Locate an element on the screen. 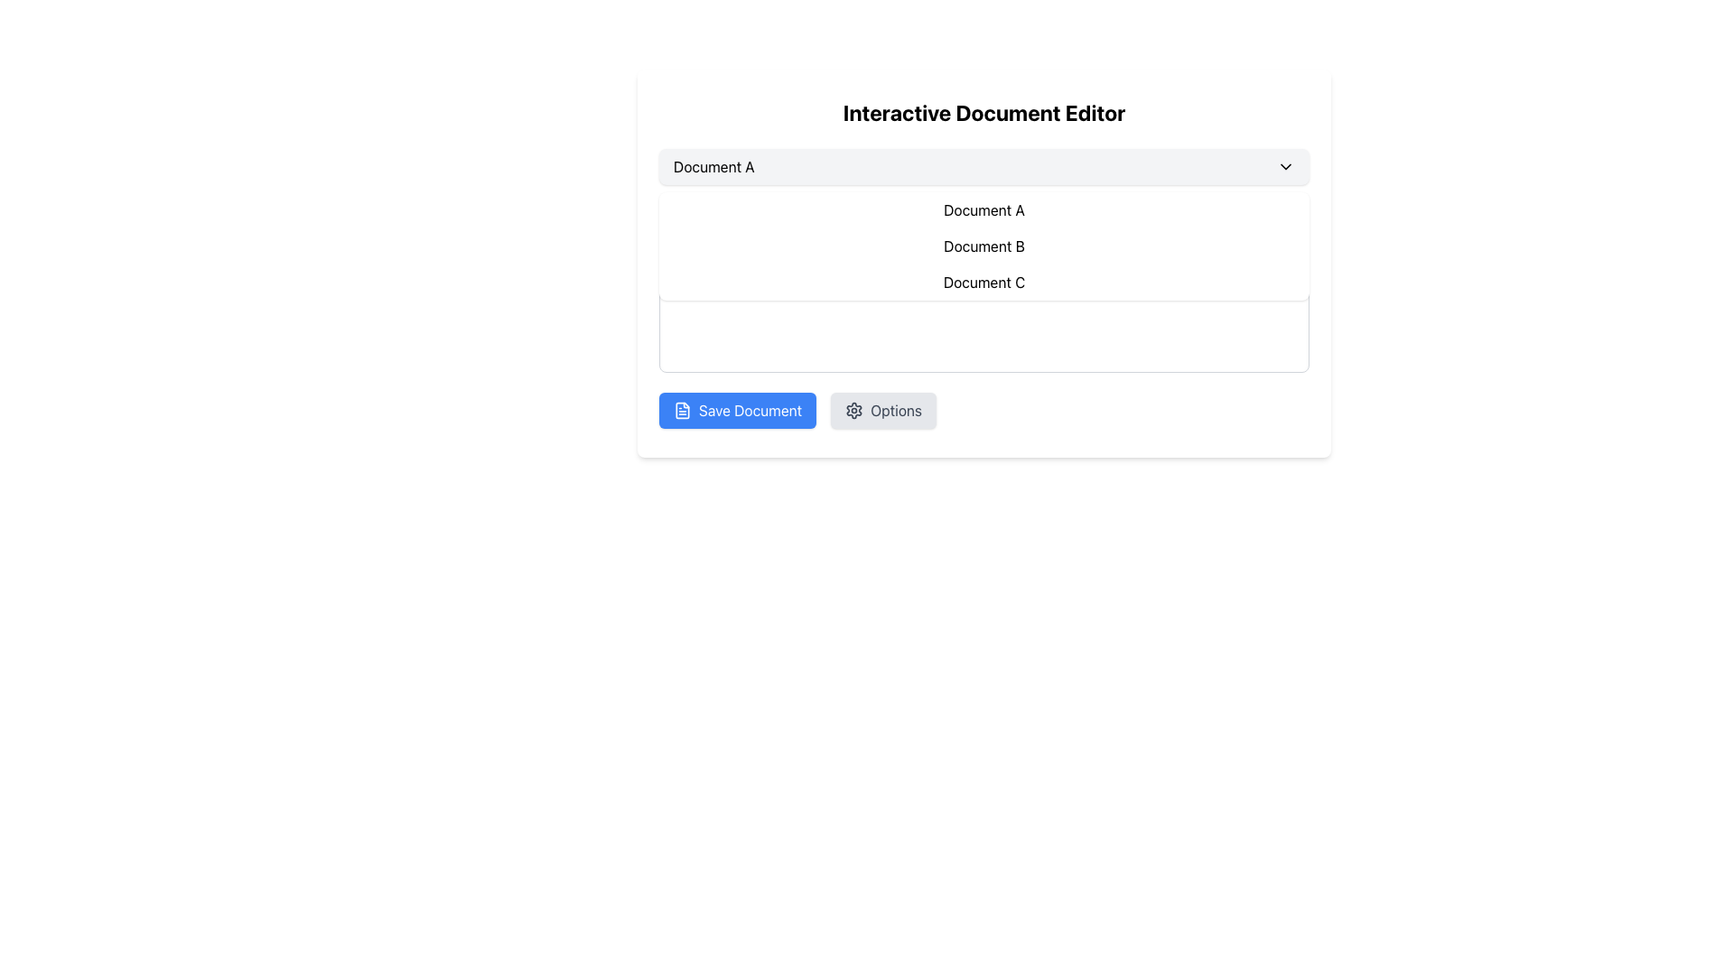 This screenshot has height=975, width=1734. the third item in the dropdown menu labeled 'Document C' is located at coordinates (983, 282).